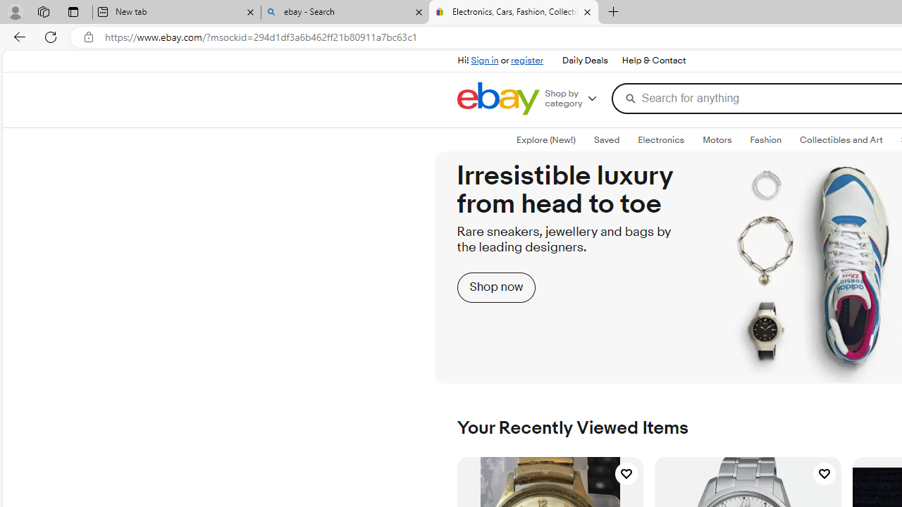 The height and width of the screenshot is (507, 902). What do you see at coordinates (485, 60) in the screenshot?
I see `'Sign in'` at bounding box center [485, 60].